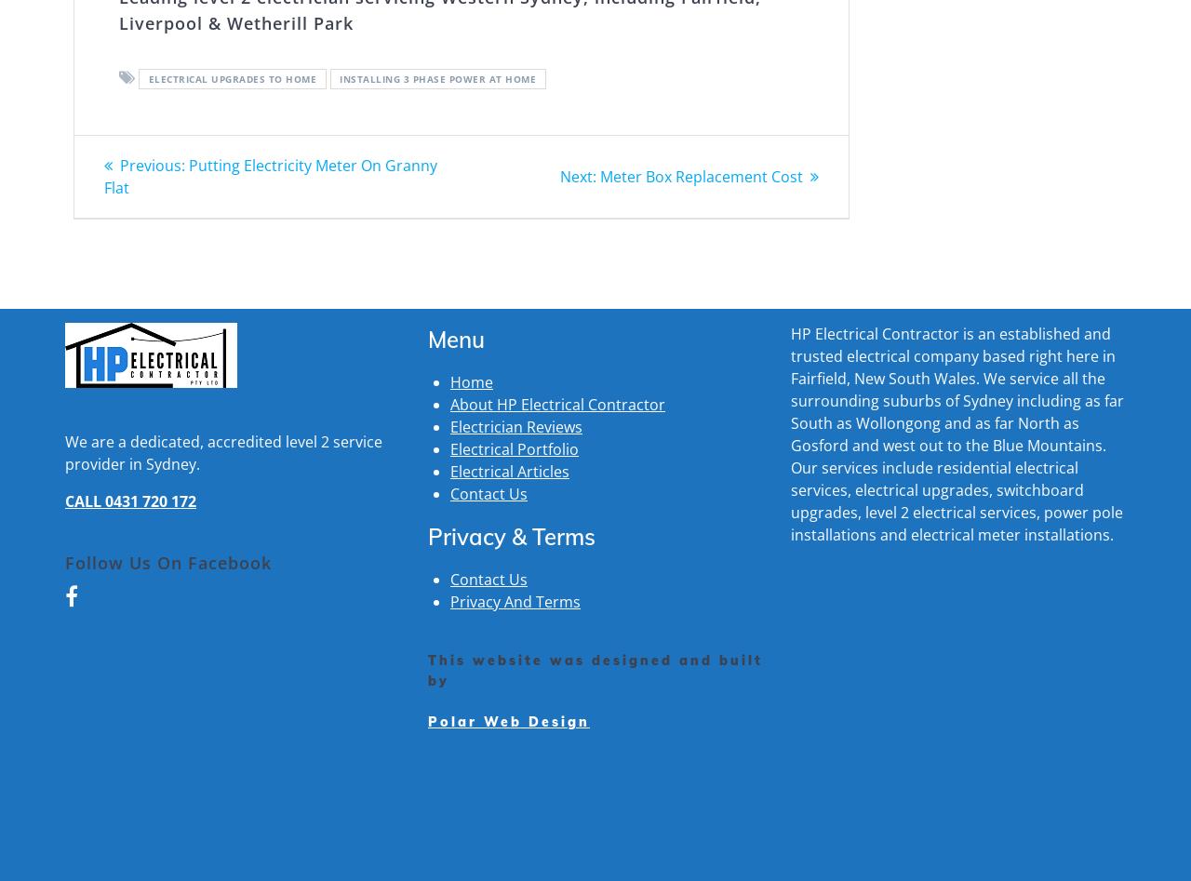  I want to click on 'Home', so click(449, 380).